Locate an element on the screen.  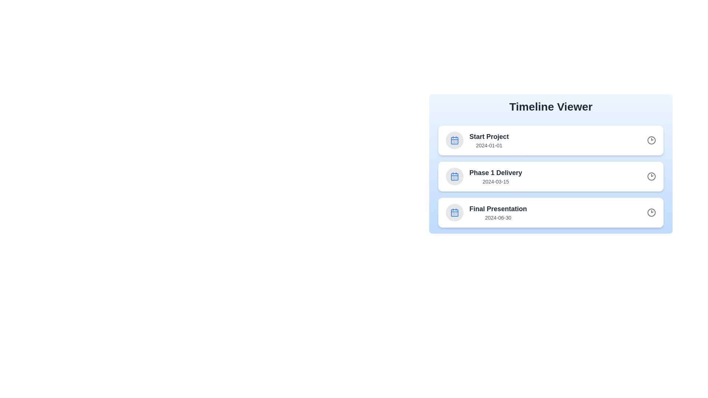
the 'Start Project' informational card, which features a blue calendar icon, bold text, and the date '2024-01-01', located at the top of the list in the 'Timeline Viewer' section is located at coordinates (477, 140).